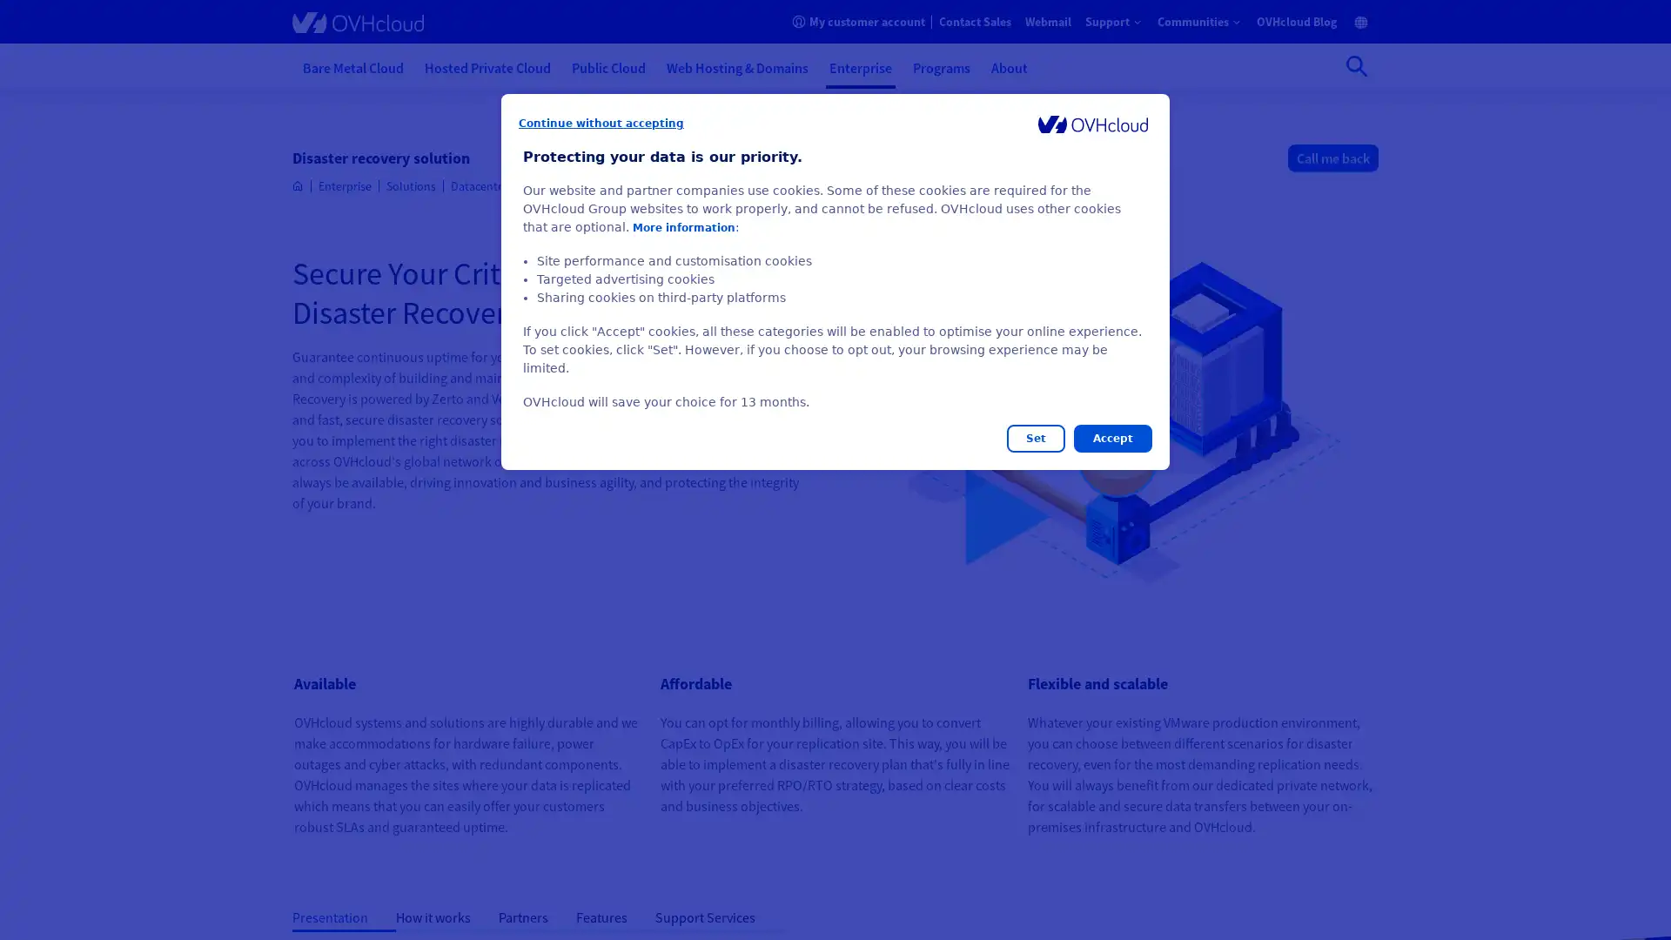 The image size is (1671, 940). What do you see at coordinates (1111, 438) in the screenshot?
I see `Accept` at bounding box center [1111, 438].